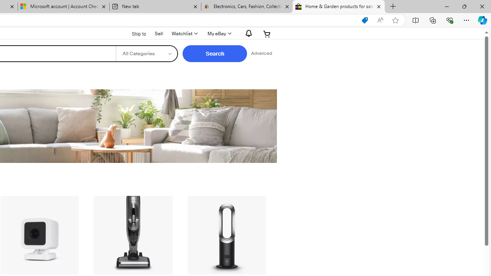  What do you see at coordinates (449, 20) in the screenshot?
I see `'Browser essentials'` at bounding box center [449, 20].